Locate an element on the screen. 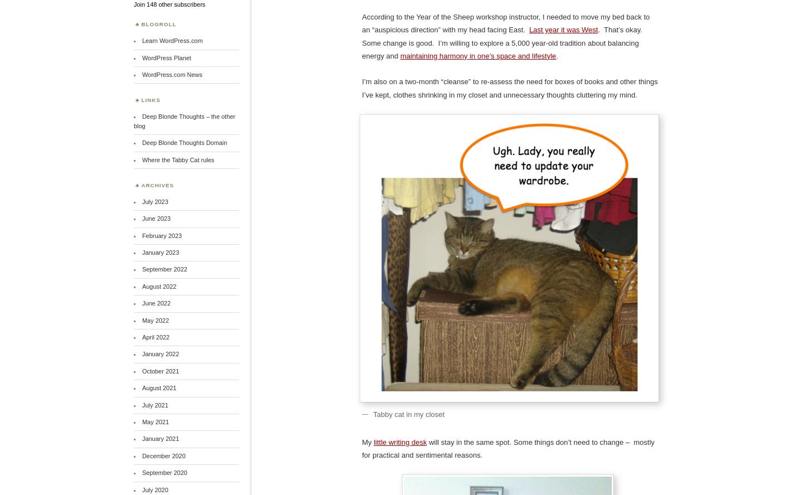 This screenshot has height=495, width=803. 'Last year it was West' is located at coordinates (563, 30).